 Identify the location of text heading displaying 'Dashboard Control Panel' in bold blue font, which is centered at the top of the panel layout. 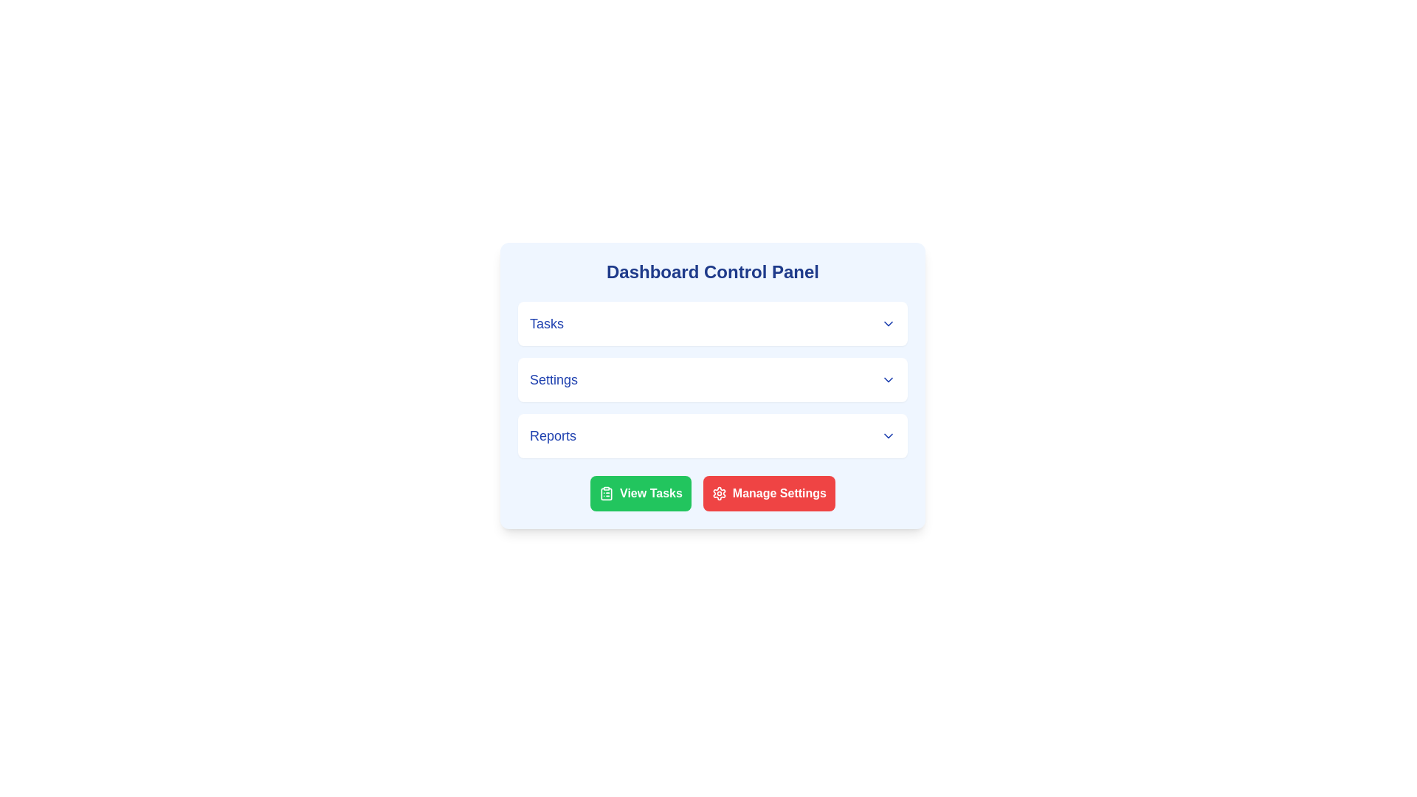
(712, 272).